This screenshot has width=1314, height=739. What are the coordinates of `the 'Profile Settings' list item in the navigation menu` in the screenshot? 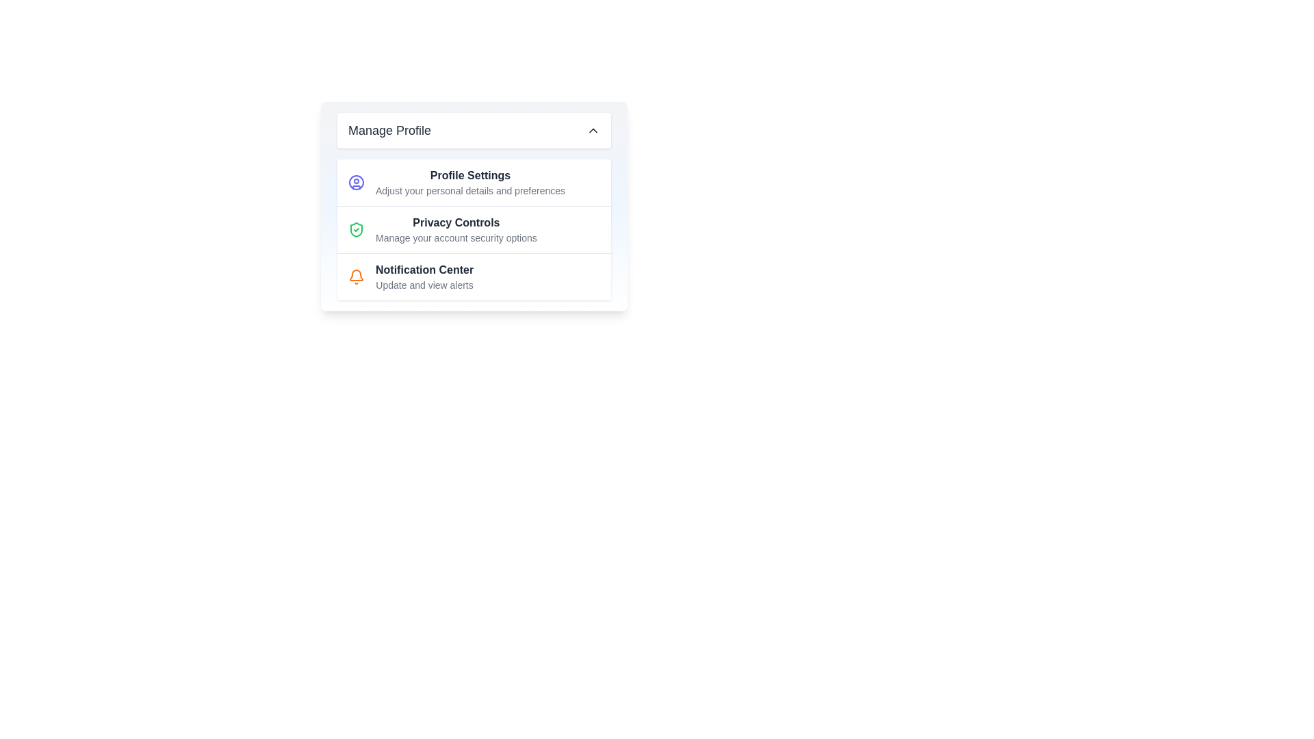 It's located at (474, 181).